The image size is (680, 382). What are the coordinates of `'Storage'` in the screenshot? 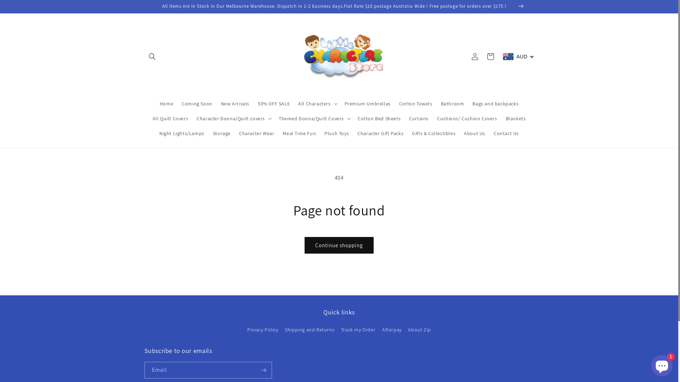 It's located at (221, 133).